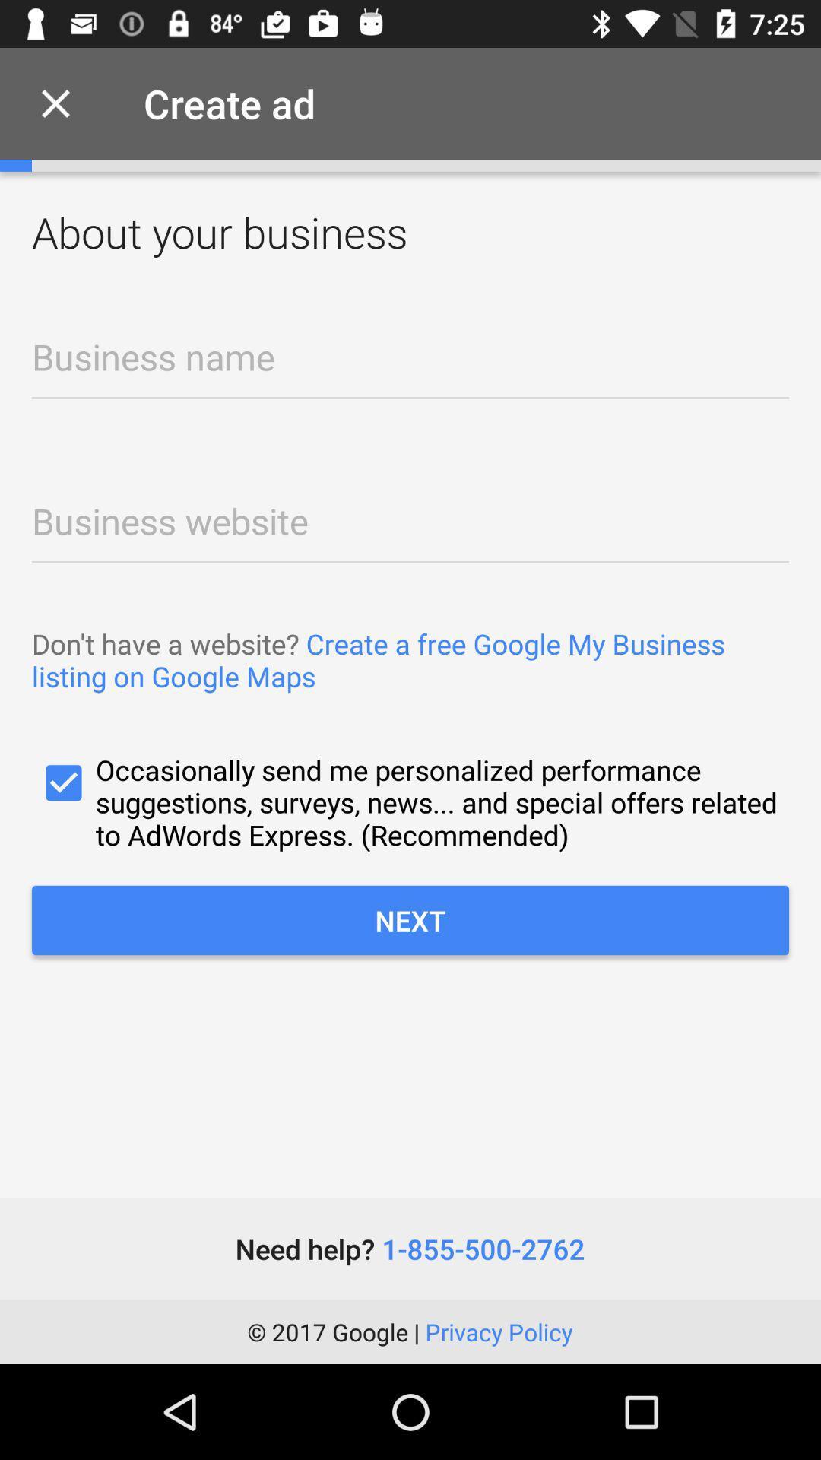  Describe the element at coordinates (410, 801) in the screenshot. I see `the item below the don t have` at that location.